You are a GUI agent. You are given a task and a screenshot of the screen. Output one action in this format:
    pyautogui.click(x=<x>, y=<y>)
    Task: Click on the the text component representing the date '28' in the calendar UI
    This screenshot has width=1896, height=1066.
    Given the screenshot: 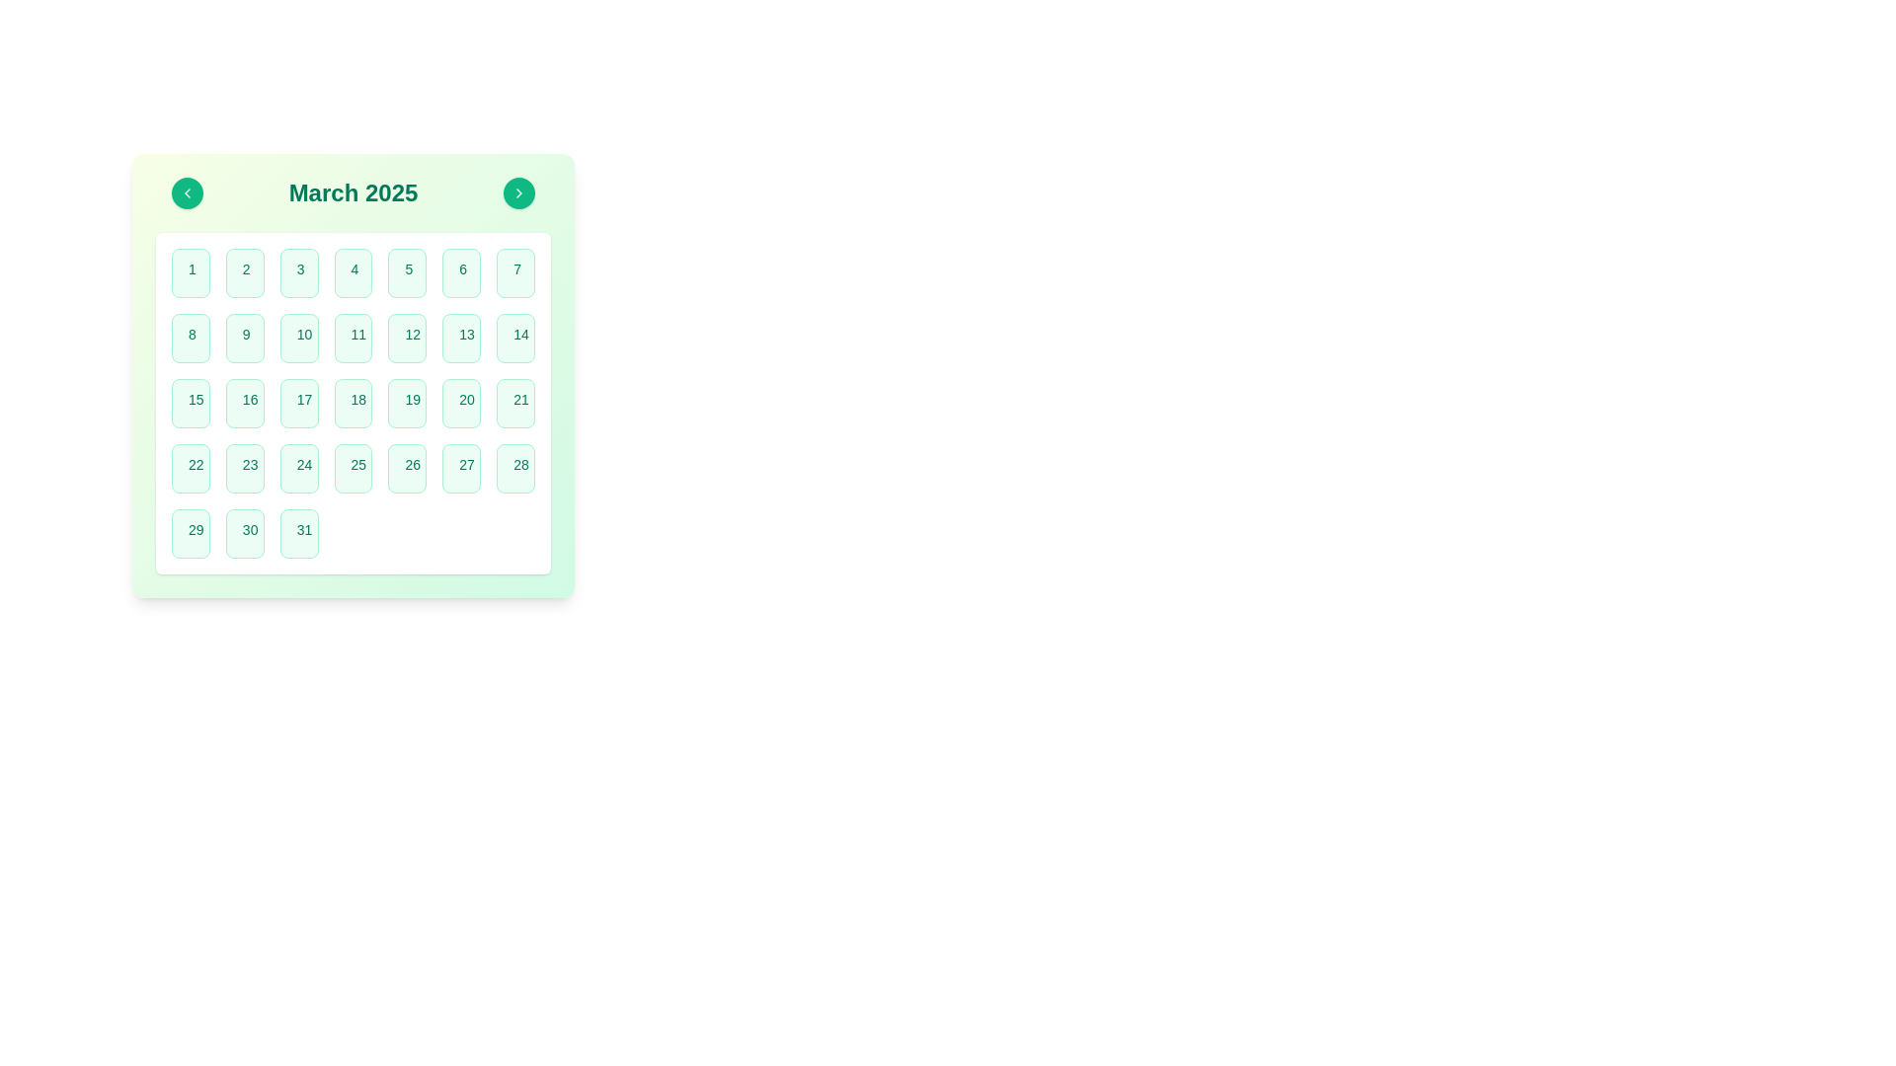 What is the action you would take?
    pyautogui.click(x=521, y=464)
    